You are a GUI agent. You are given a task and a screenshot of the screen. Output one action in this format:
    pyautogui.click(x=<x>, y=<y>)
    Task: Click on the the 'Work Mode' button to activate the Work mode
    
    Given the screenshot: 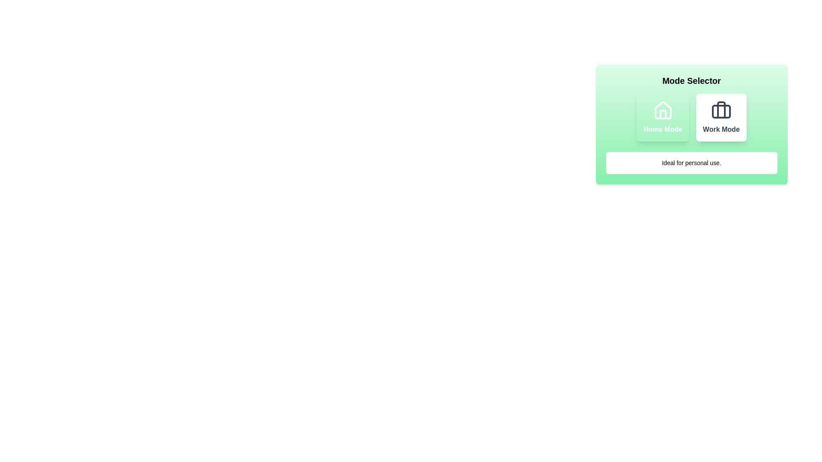 What is the action you would take?
    pyautogui.click(x=721, y=117)
    